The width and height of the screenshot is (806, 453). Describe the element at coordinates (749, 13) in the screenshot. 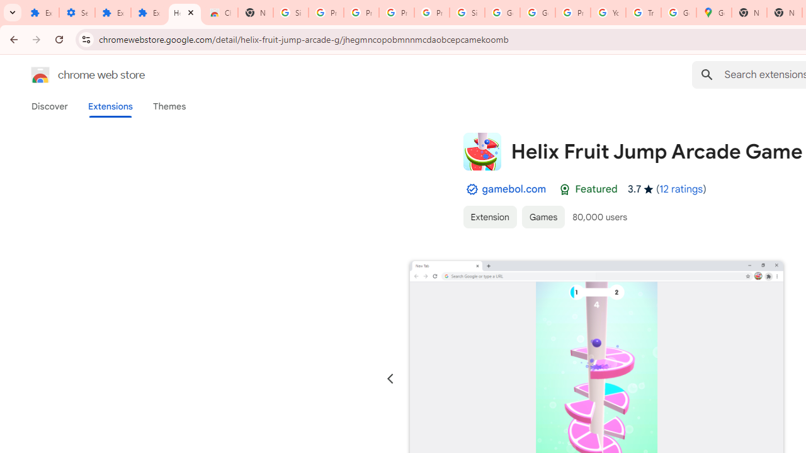

I see `'New Tab'` at that location.